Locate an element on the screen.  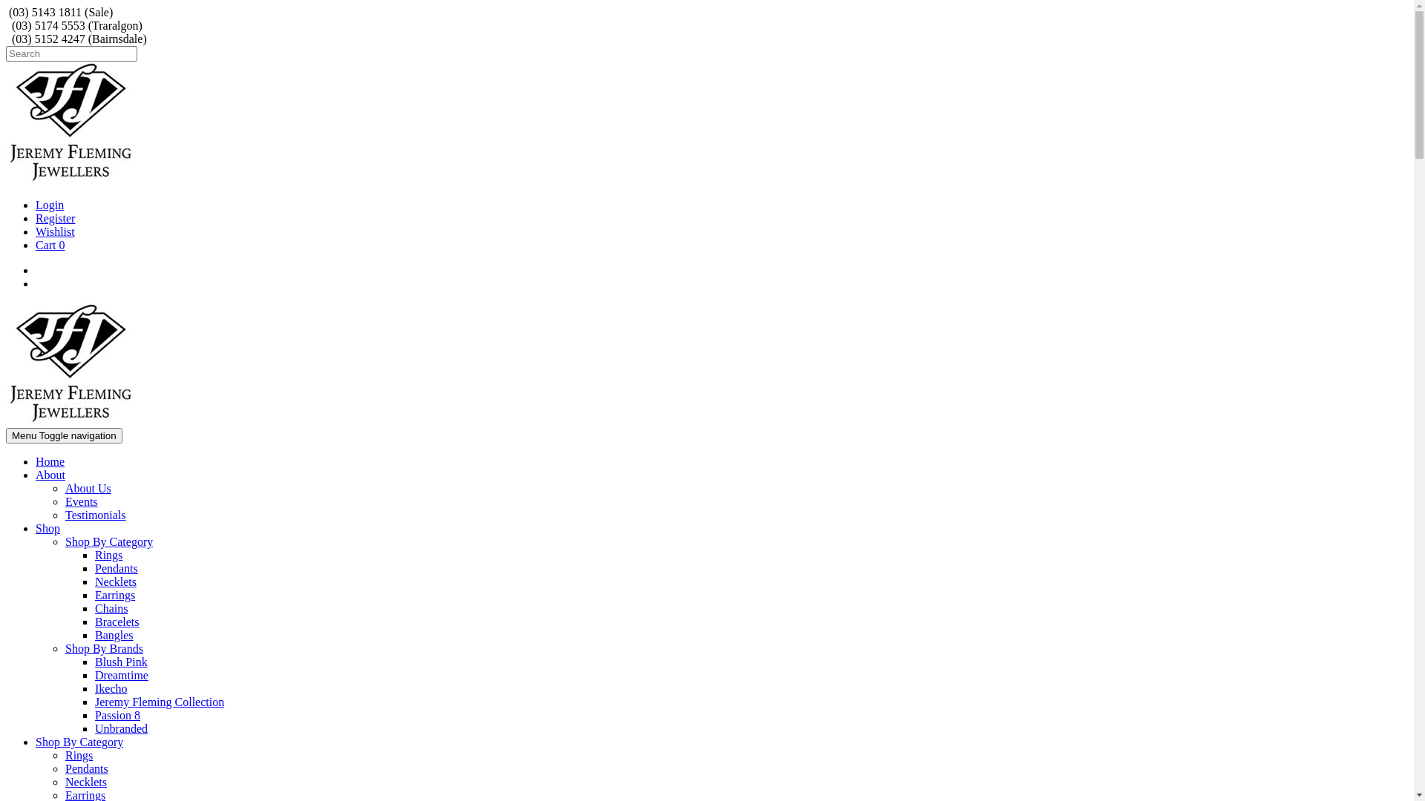
'About' is located at coordinates (36, 475).